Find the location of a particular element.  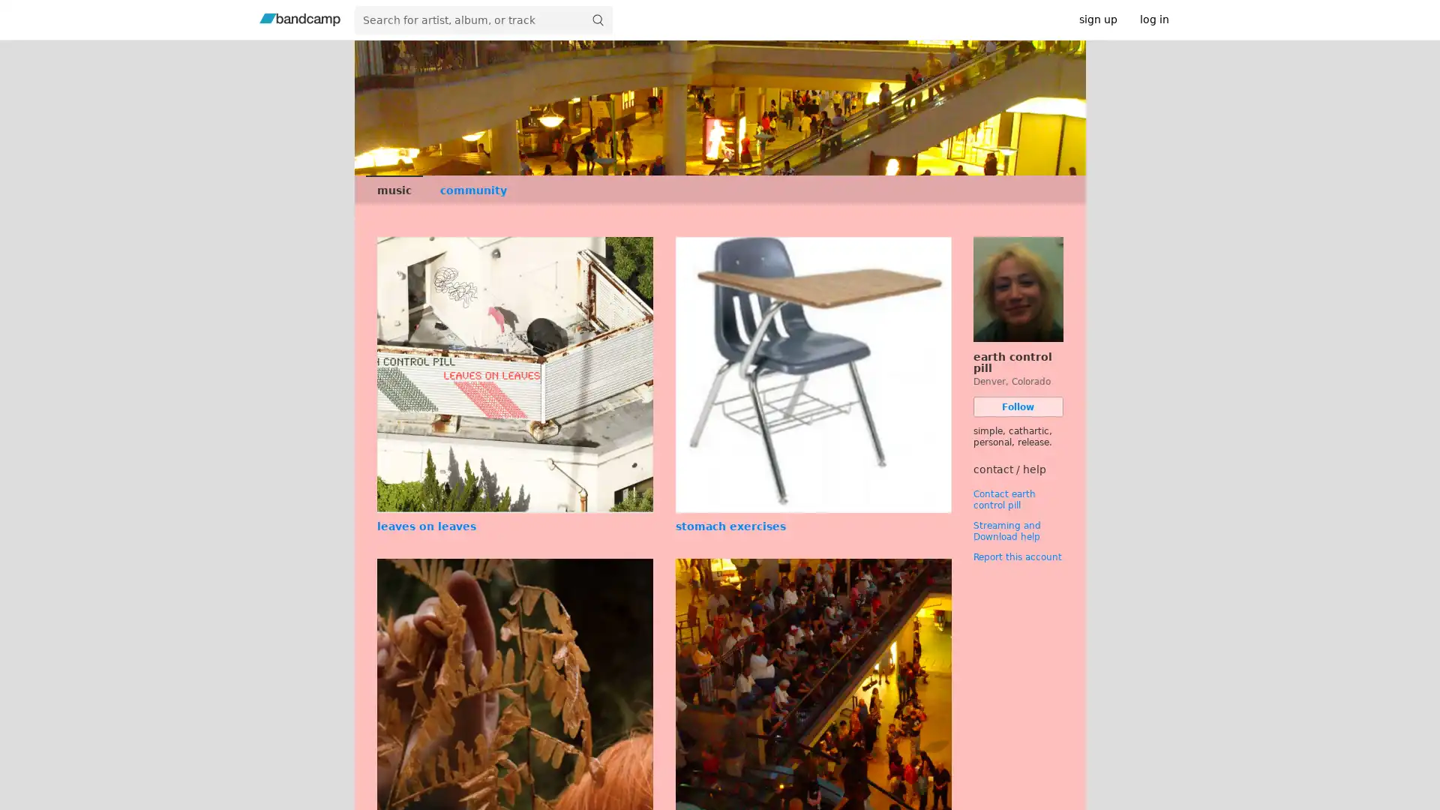

Follow is located at coordinates (1018, 406).